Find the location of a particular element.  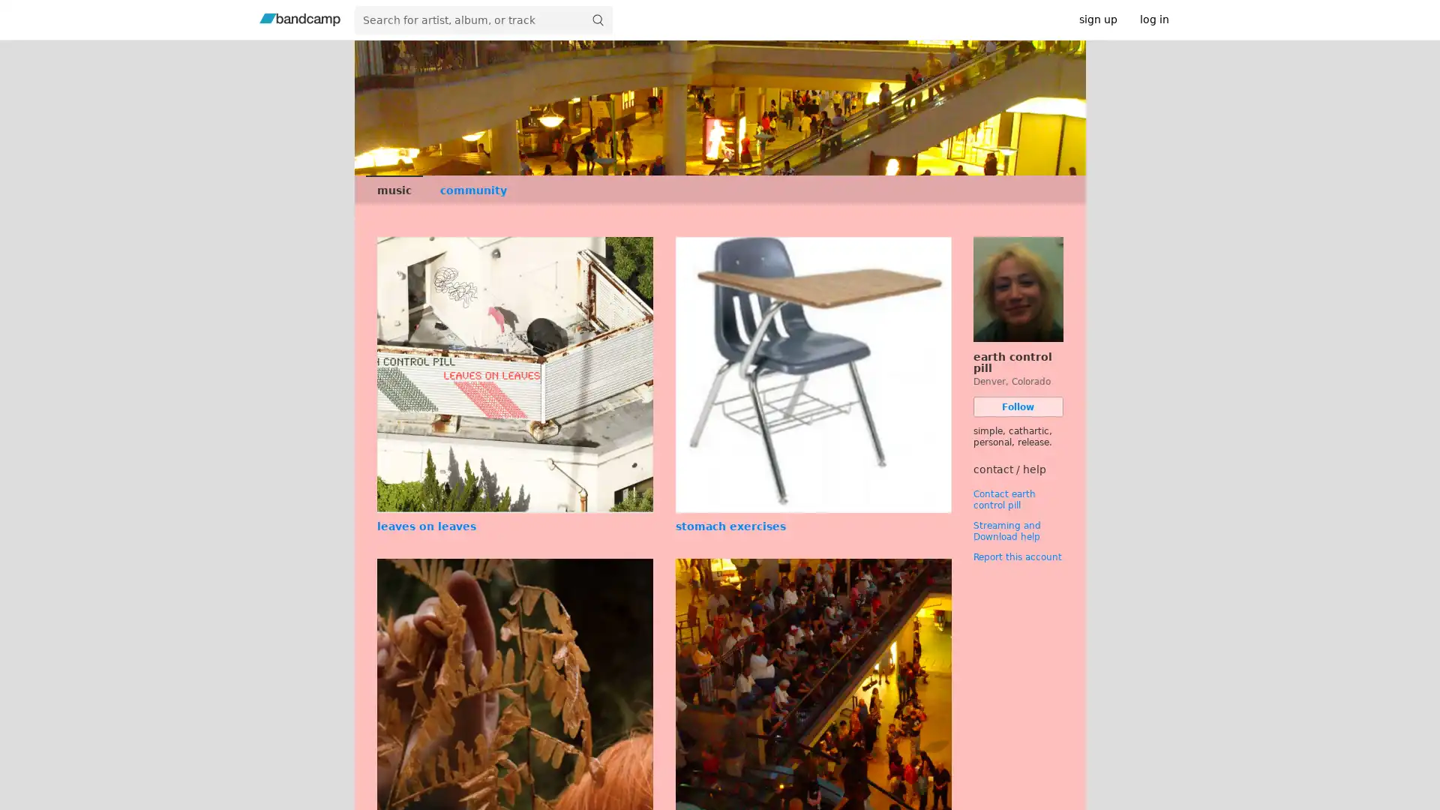

Follow is located at coordinates (1018, 406).